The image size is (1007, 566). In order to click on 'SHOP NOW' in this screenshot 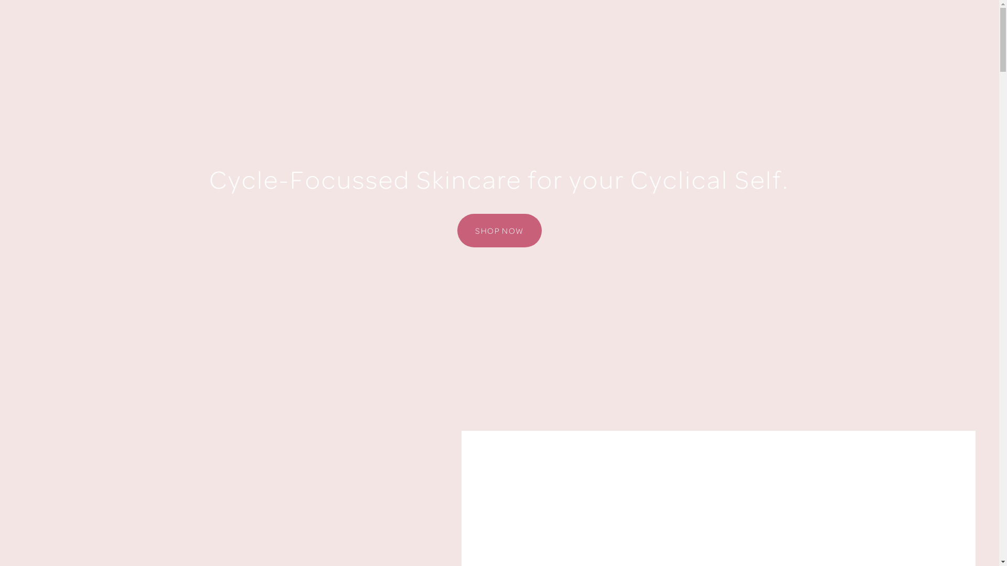, I will do `click(499, 230)`.